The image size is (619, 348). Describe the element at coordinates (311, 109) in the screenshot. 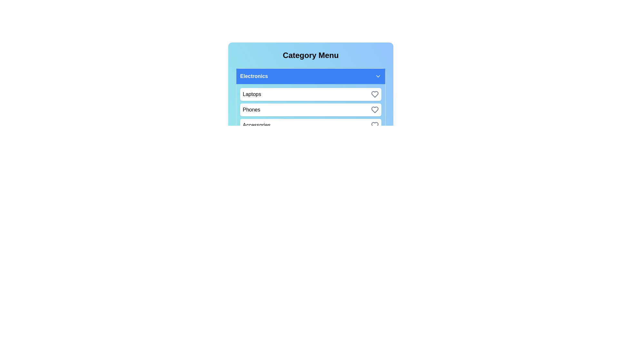

I see `the 'Phones' menu item located` at that location.